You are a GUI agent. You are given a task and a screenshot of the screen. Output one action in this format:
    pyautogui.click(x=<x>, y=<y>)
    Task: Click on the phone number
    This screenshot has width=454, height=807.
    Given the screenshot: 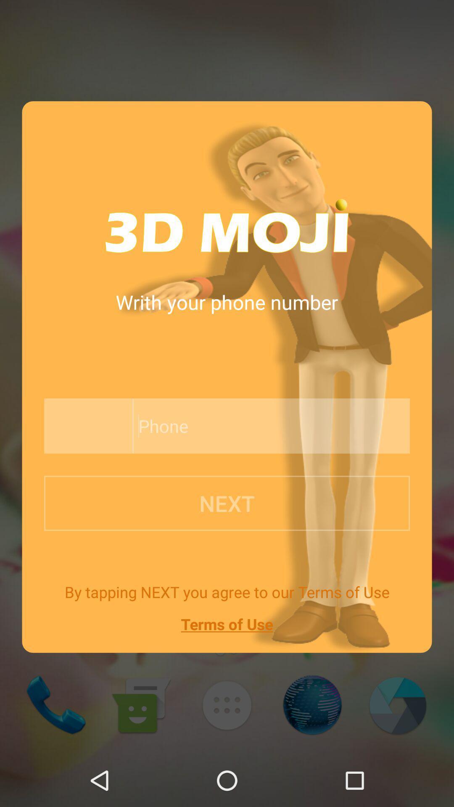 What is the action you would take?
    pyautogui.click(x=86, y=426)
    